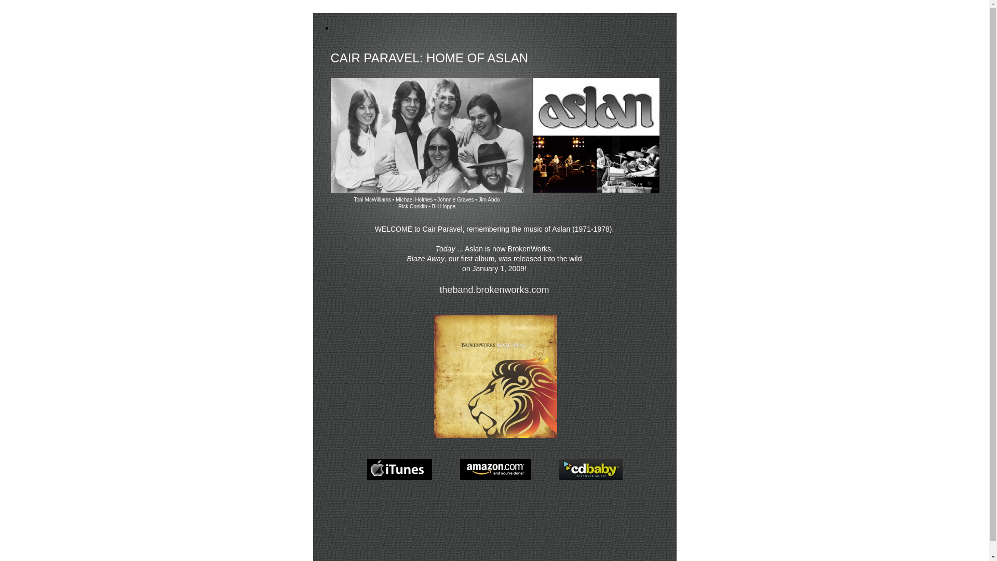 The height and width of the screenshot is (561, 997). I want to click on 'http://theband.brokenworks.com', so click(495, 437).